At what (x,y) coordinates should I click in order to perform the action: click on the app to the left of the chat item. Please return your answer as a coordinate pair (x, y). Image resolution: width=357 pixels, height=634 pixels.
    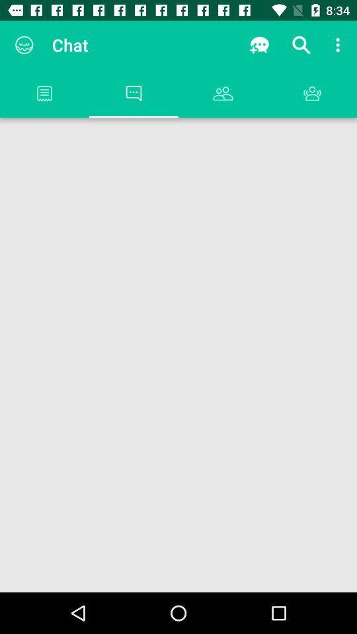
    Looking at the image, I should click on (24, 45).